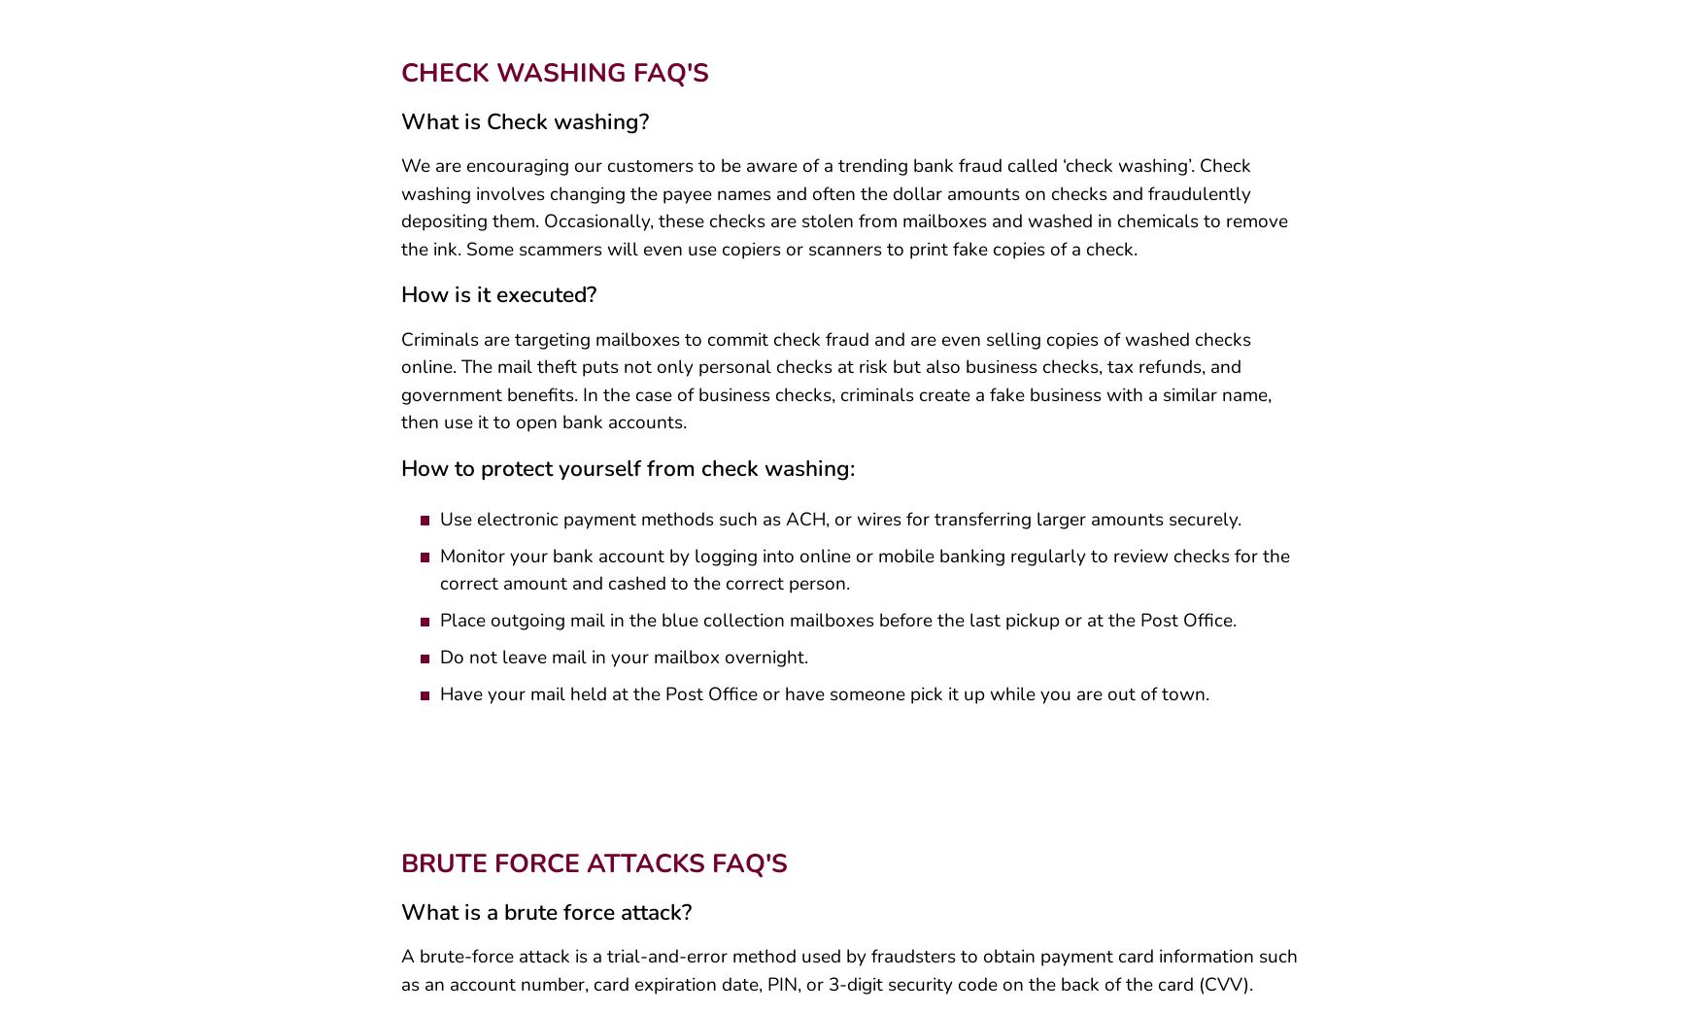  I want to click on 'How is it executed?', so click(496, 301).